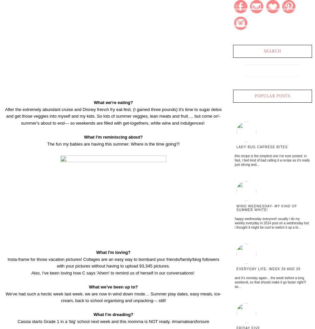 Image resolution: width=315 pixels, height=329 pixels. Describe the element at coordinates (254, 96) in the screenshot. I see `'Popular Posts'` at that location.